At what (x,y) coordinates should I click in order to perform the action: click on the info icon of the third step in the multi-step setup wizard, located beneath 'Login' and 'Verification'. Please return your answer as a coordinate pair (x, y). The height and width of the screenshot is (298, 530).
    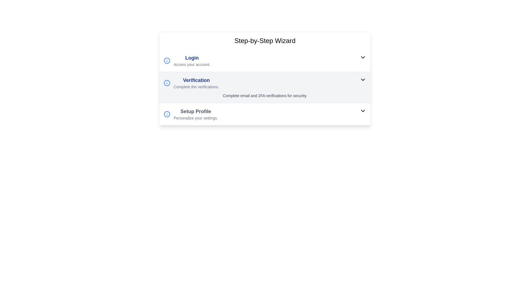
    Looking at the image, I should click on (191, 114).